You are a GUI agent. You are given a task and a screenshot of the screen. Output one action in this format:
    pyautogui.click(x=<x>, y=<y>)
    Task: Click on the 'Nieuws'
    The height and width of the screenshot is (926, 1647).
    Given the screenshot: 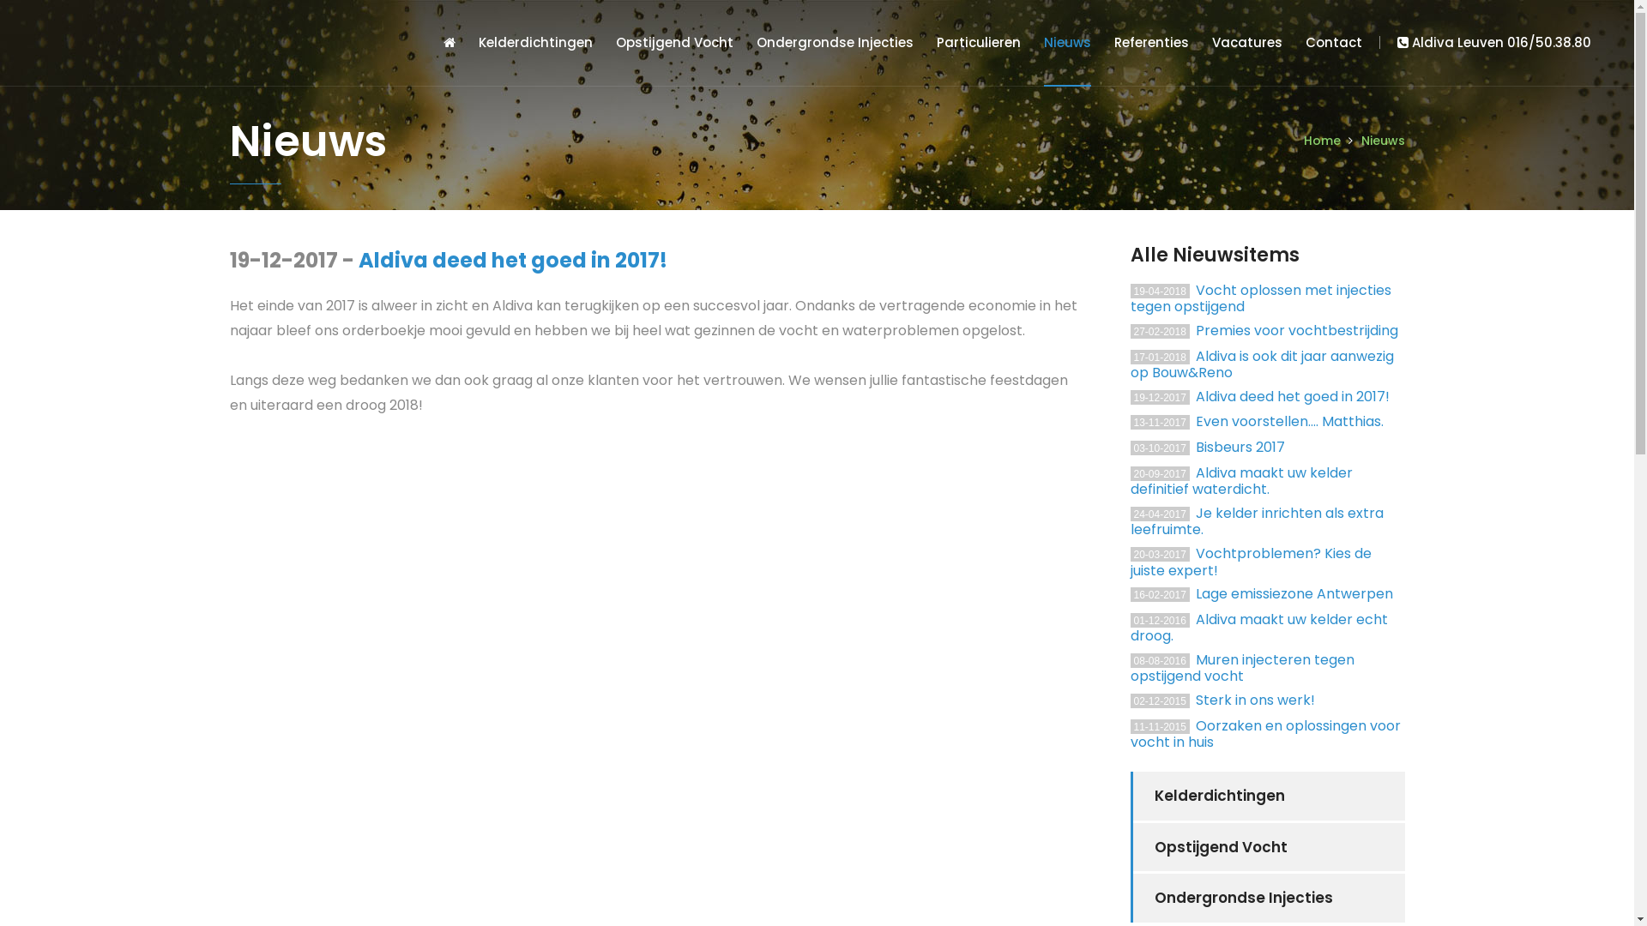 What is the action you would take?
    pyautogui.click(x=1066, y=42)
    